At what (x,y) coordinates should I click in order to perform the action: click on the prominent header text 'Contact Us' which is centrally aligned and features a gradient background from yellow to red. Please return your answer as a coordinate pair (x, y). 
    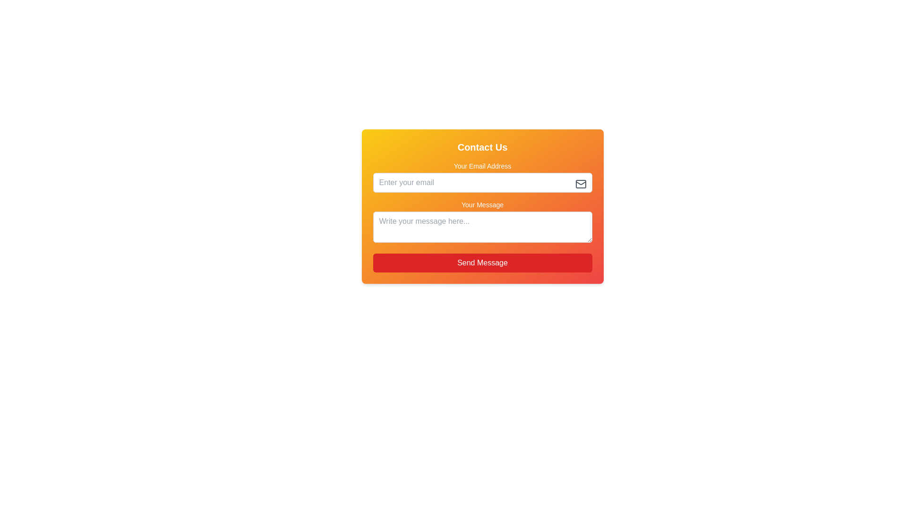
    Looking at the image, I should click on (482, 147).